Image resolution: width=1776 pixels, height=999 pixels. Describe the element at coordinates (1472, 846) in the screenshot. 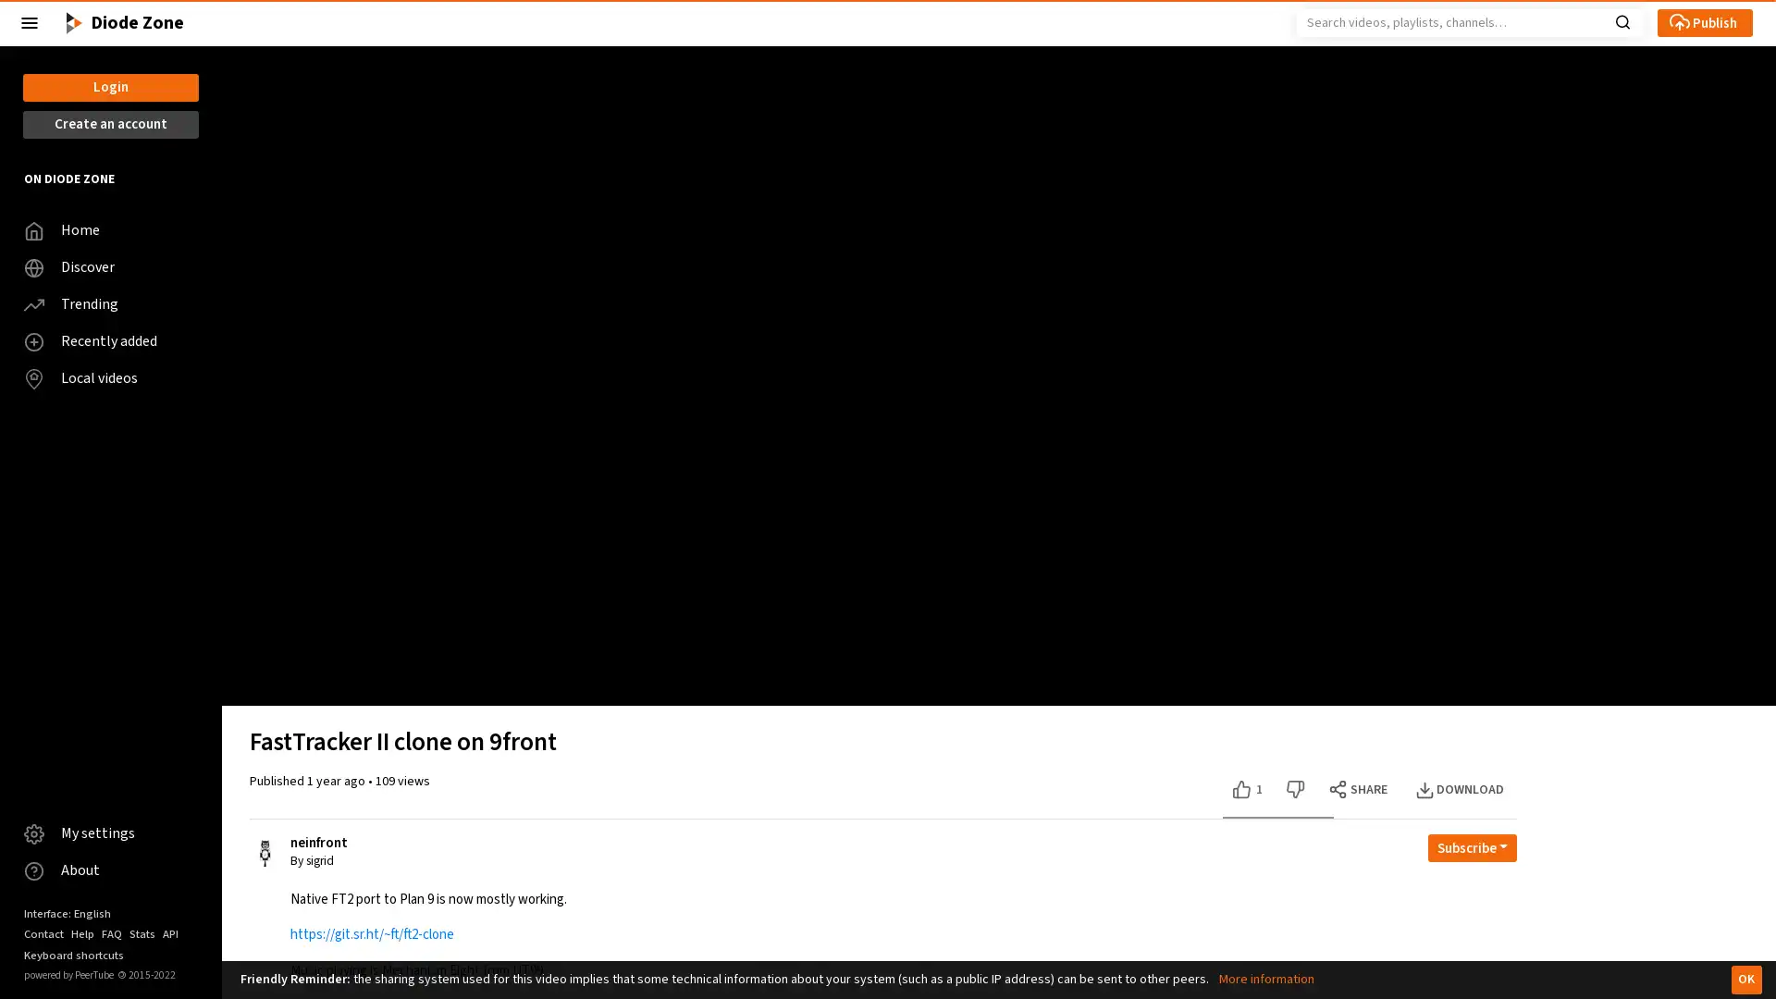

I see `Open subscription dropdown` at that location.